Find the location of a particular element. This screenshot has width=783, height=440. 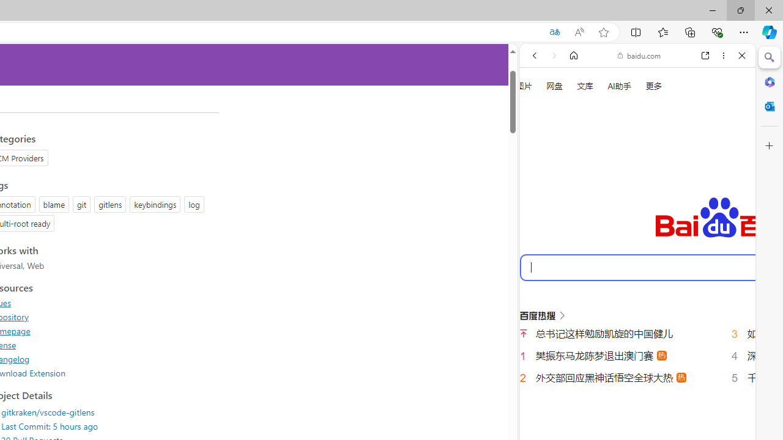

'Class: b_serphb' is located at coordinates (728, 207).